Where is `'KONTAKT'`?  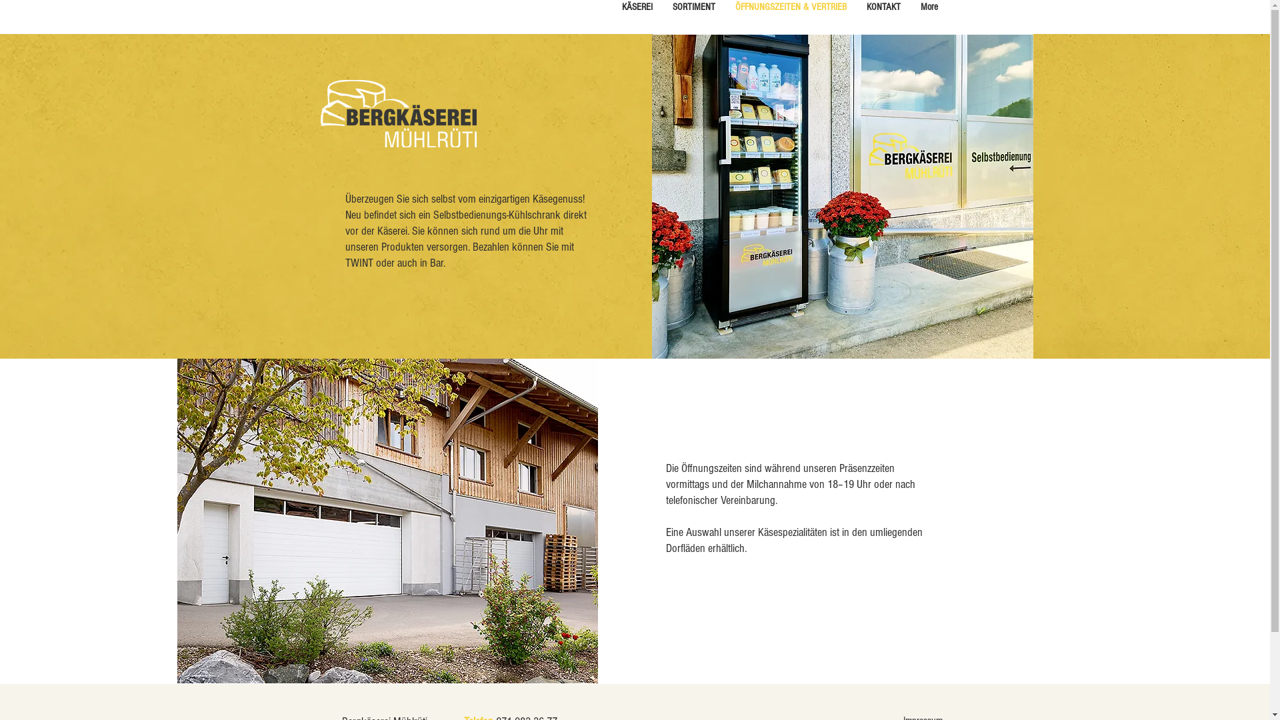 'KONTAKT' is located at coordinates (883, 16).